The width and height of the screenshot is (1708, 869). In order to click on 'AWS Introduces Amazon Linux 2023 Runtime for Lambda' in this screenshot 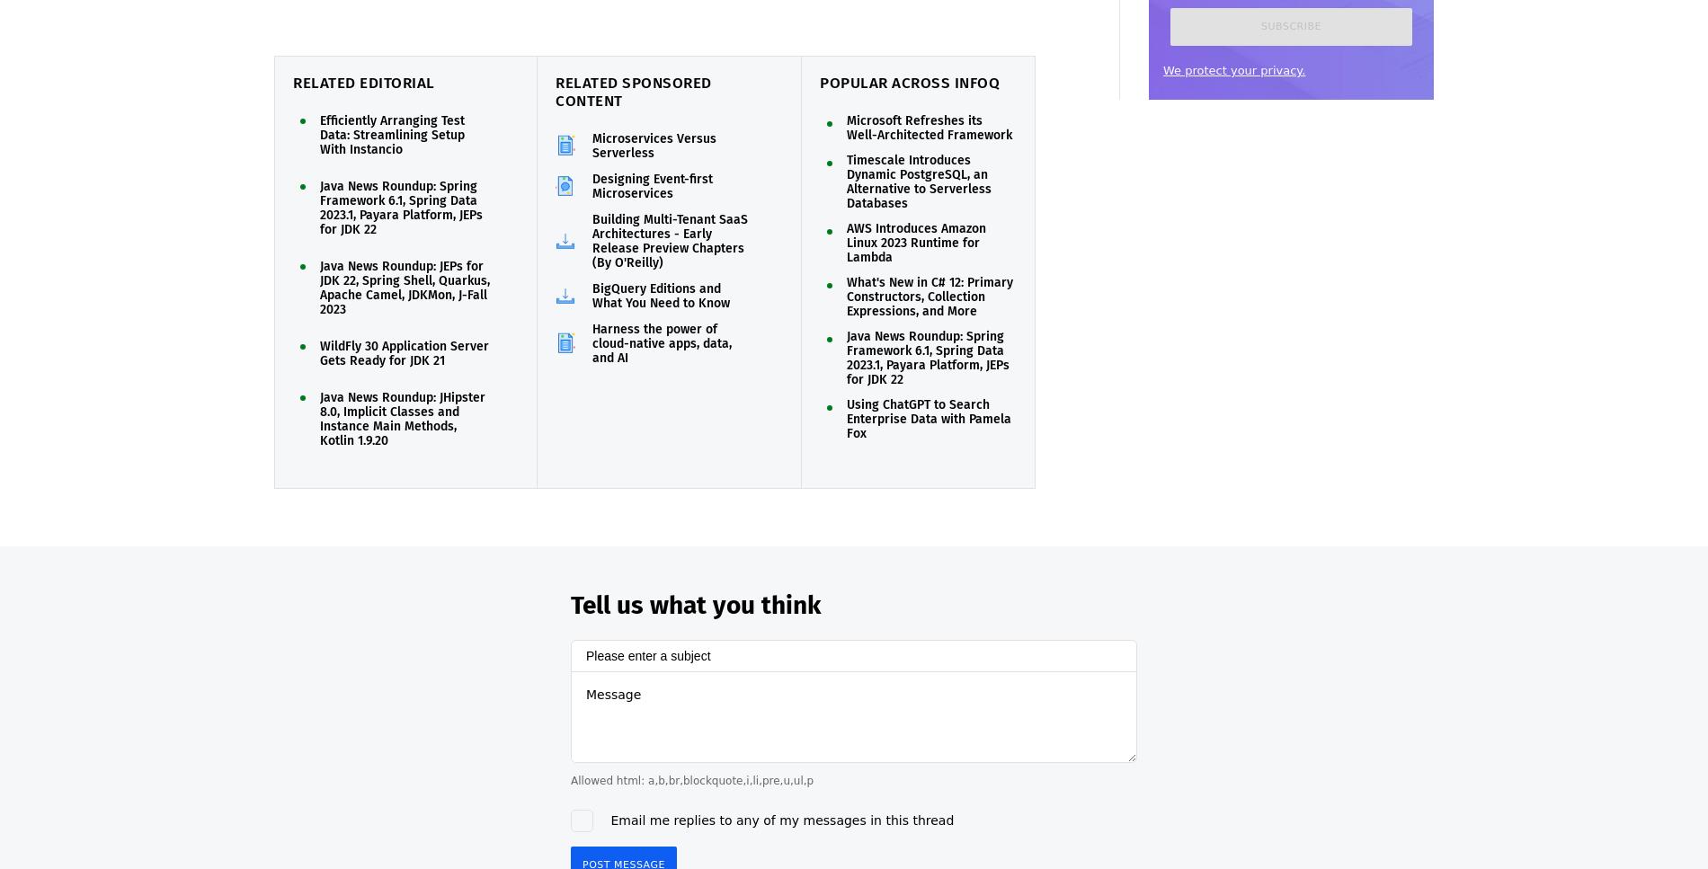, I will do `click(846, 242)`.